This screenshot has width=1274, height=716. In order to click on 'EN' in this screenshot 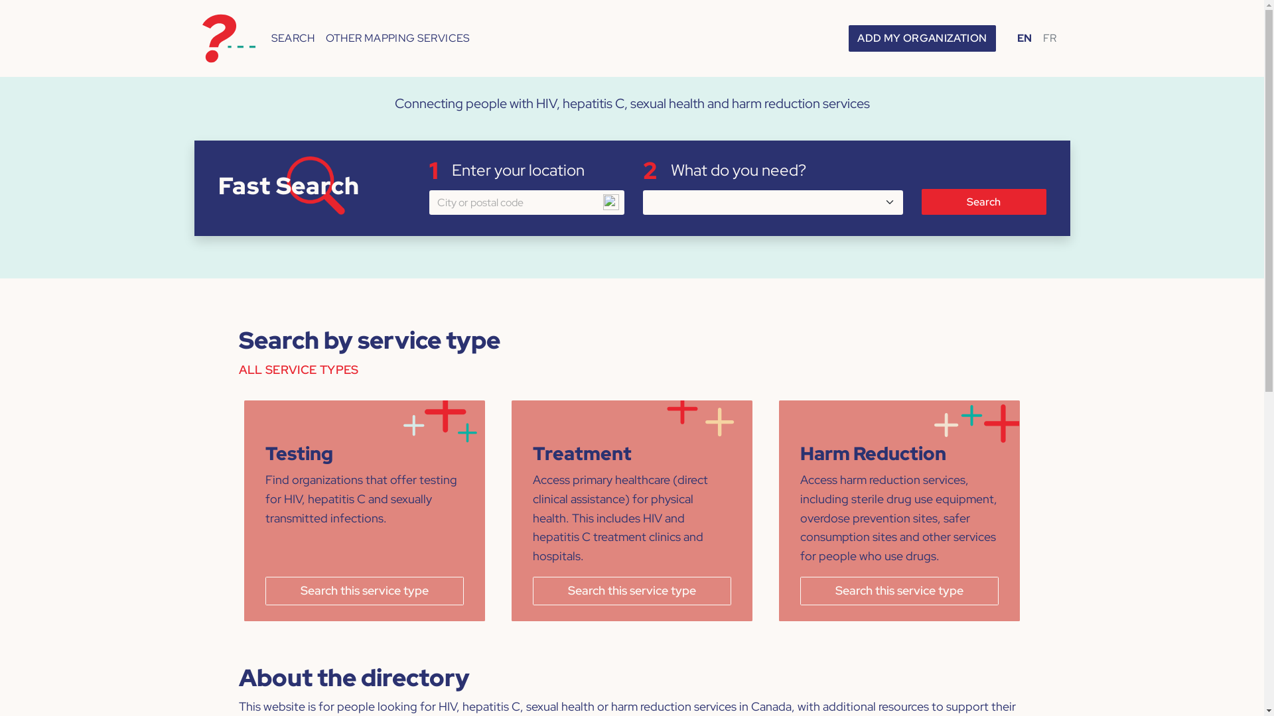, I will do `click(1011, 37)`.